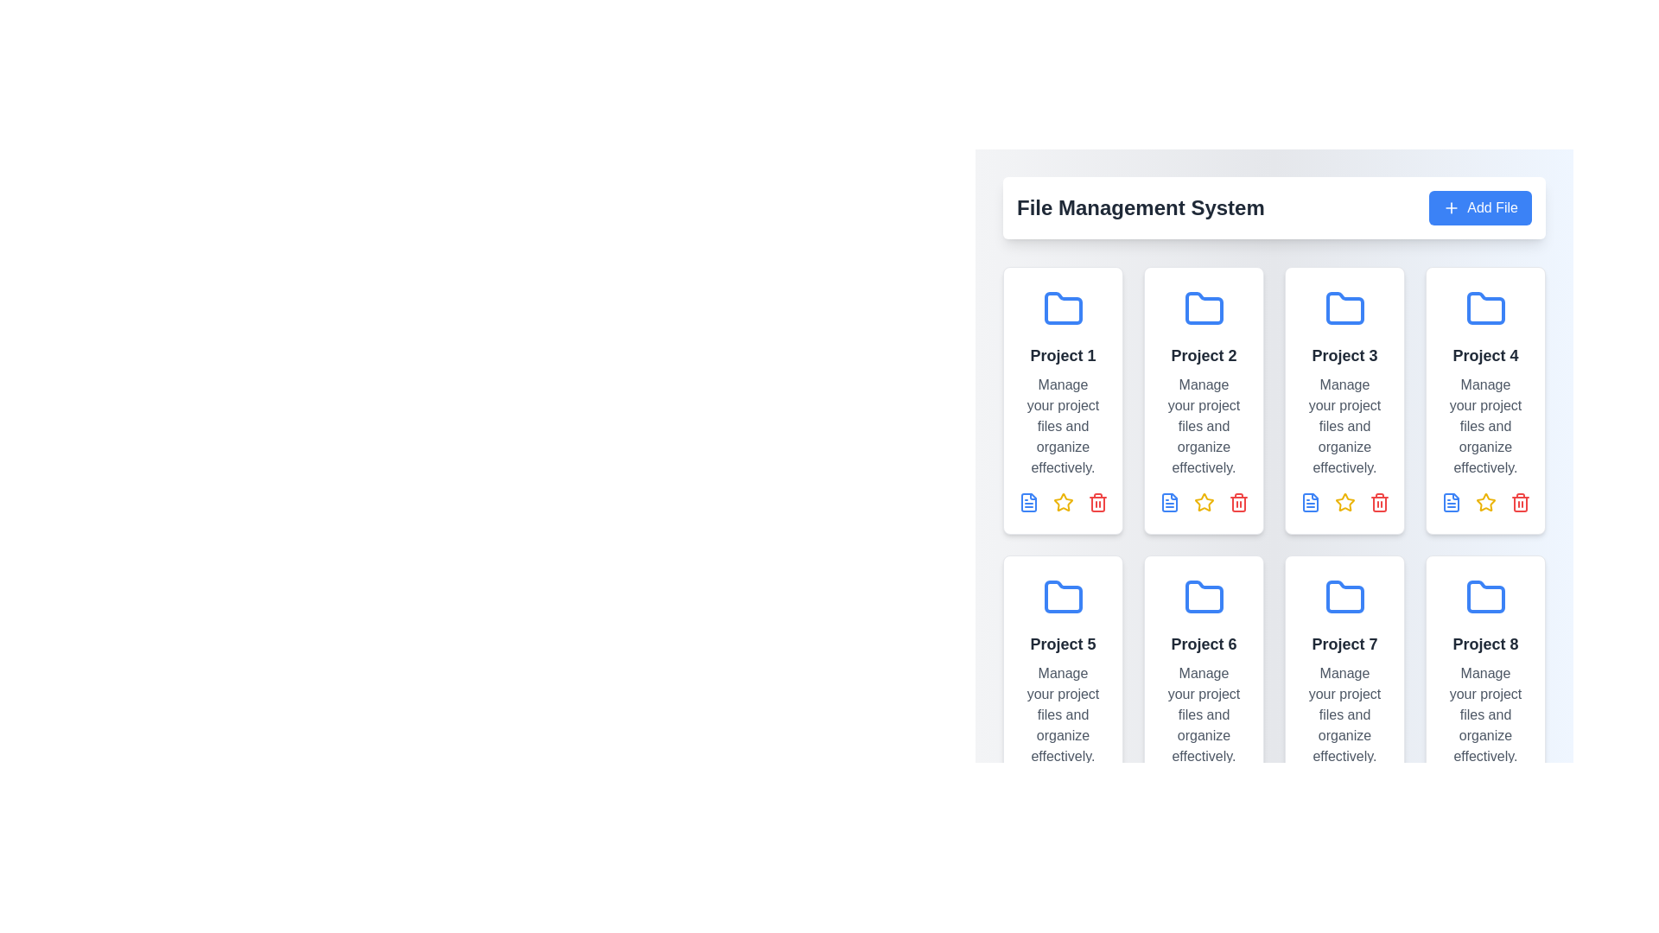  Describe the element at coordinates (1484, 355) in the screenshot. I see `the text label located in the fourth card of the top row within the 'File Management System' group, positioned below the blue folder icon` at that location.